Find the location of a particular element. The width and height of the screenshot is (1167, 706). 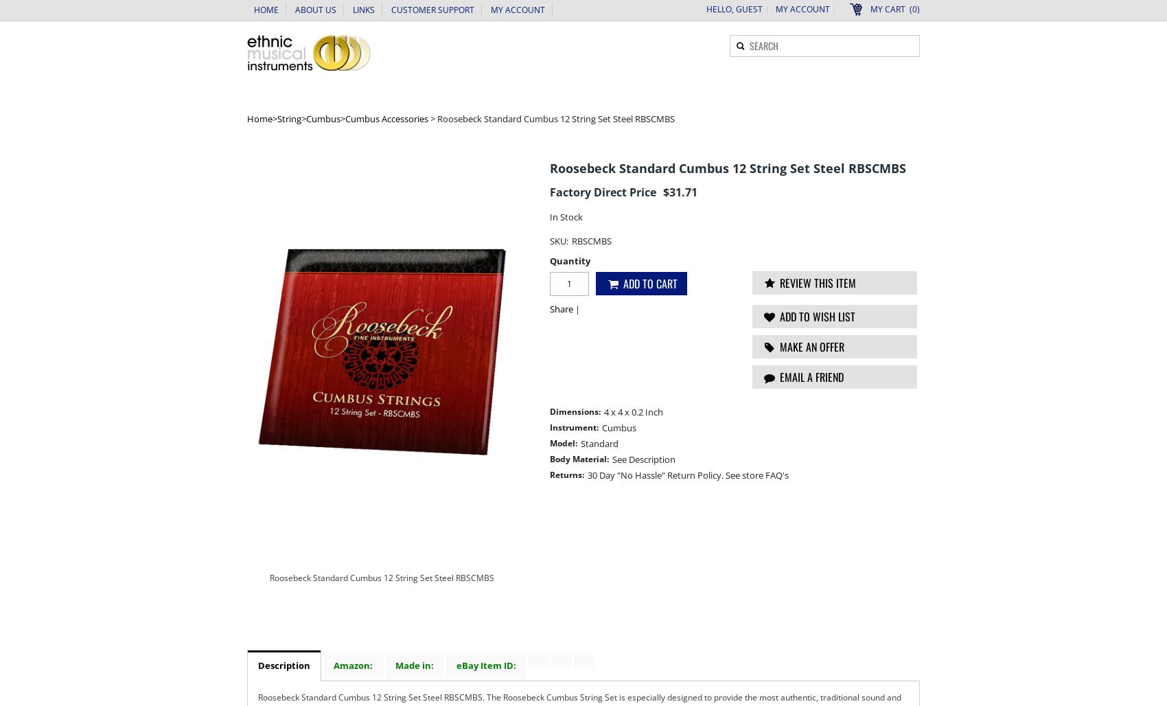

'Guest' is located at coordinates (749, 9).